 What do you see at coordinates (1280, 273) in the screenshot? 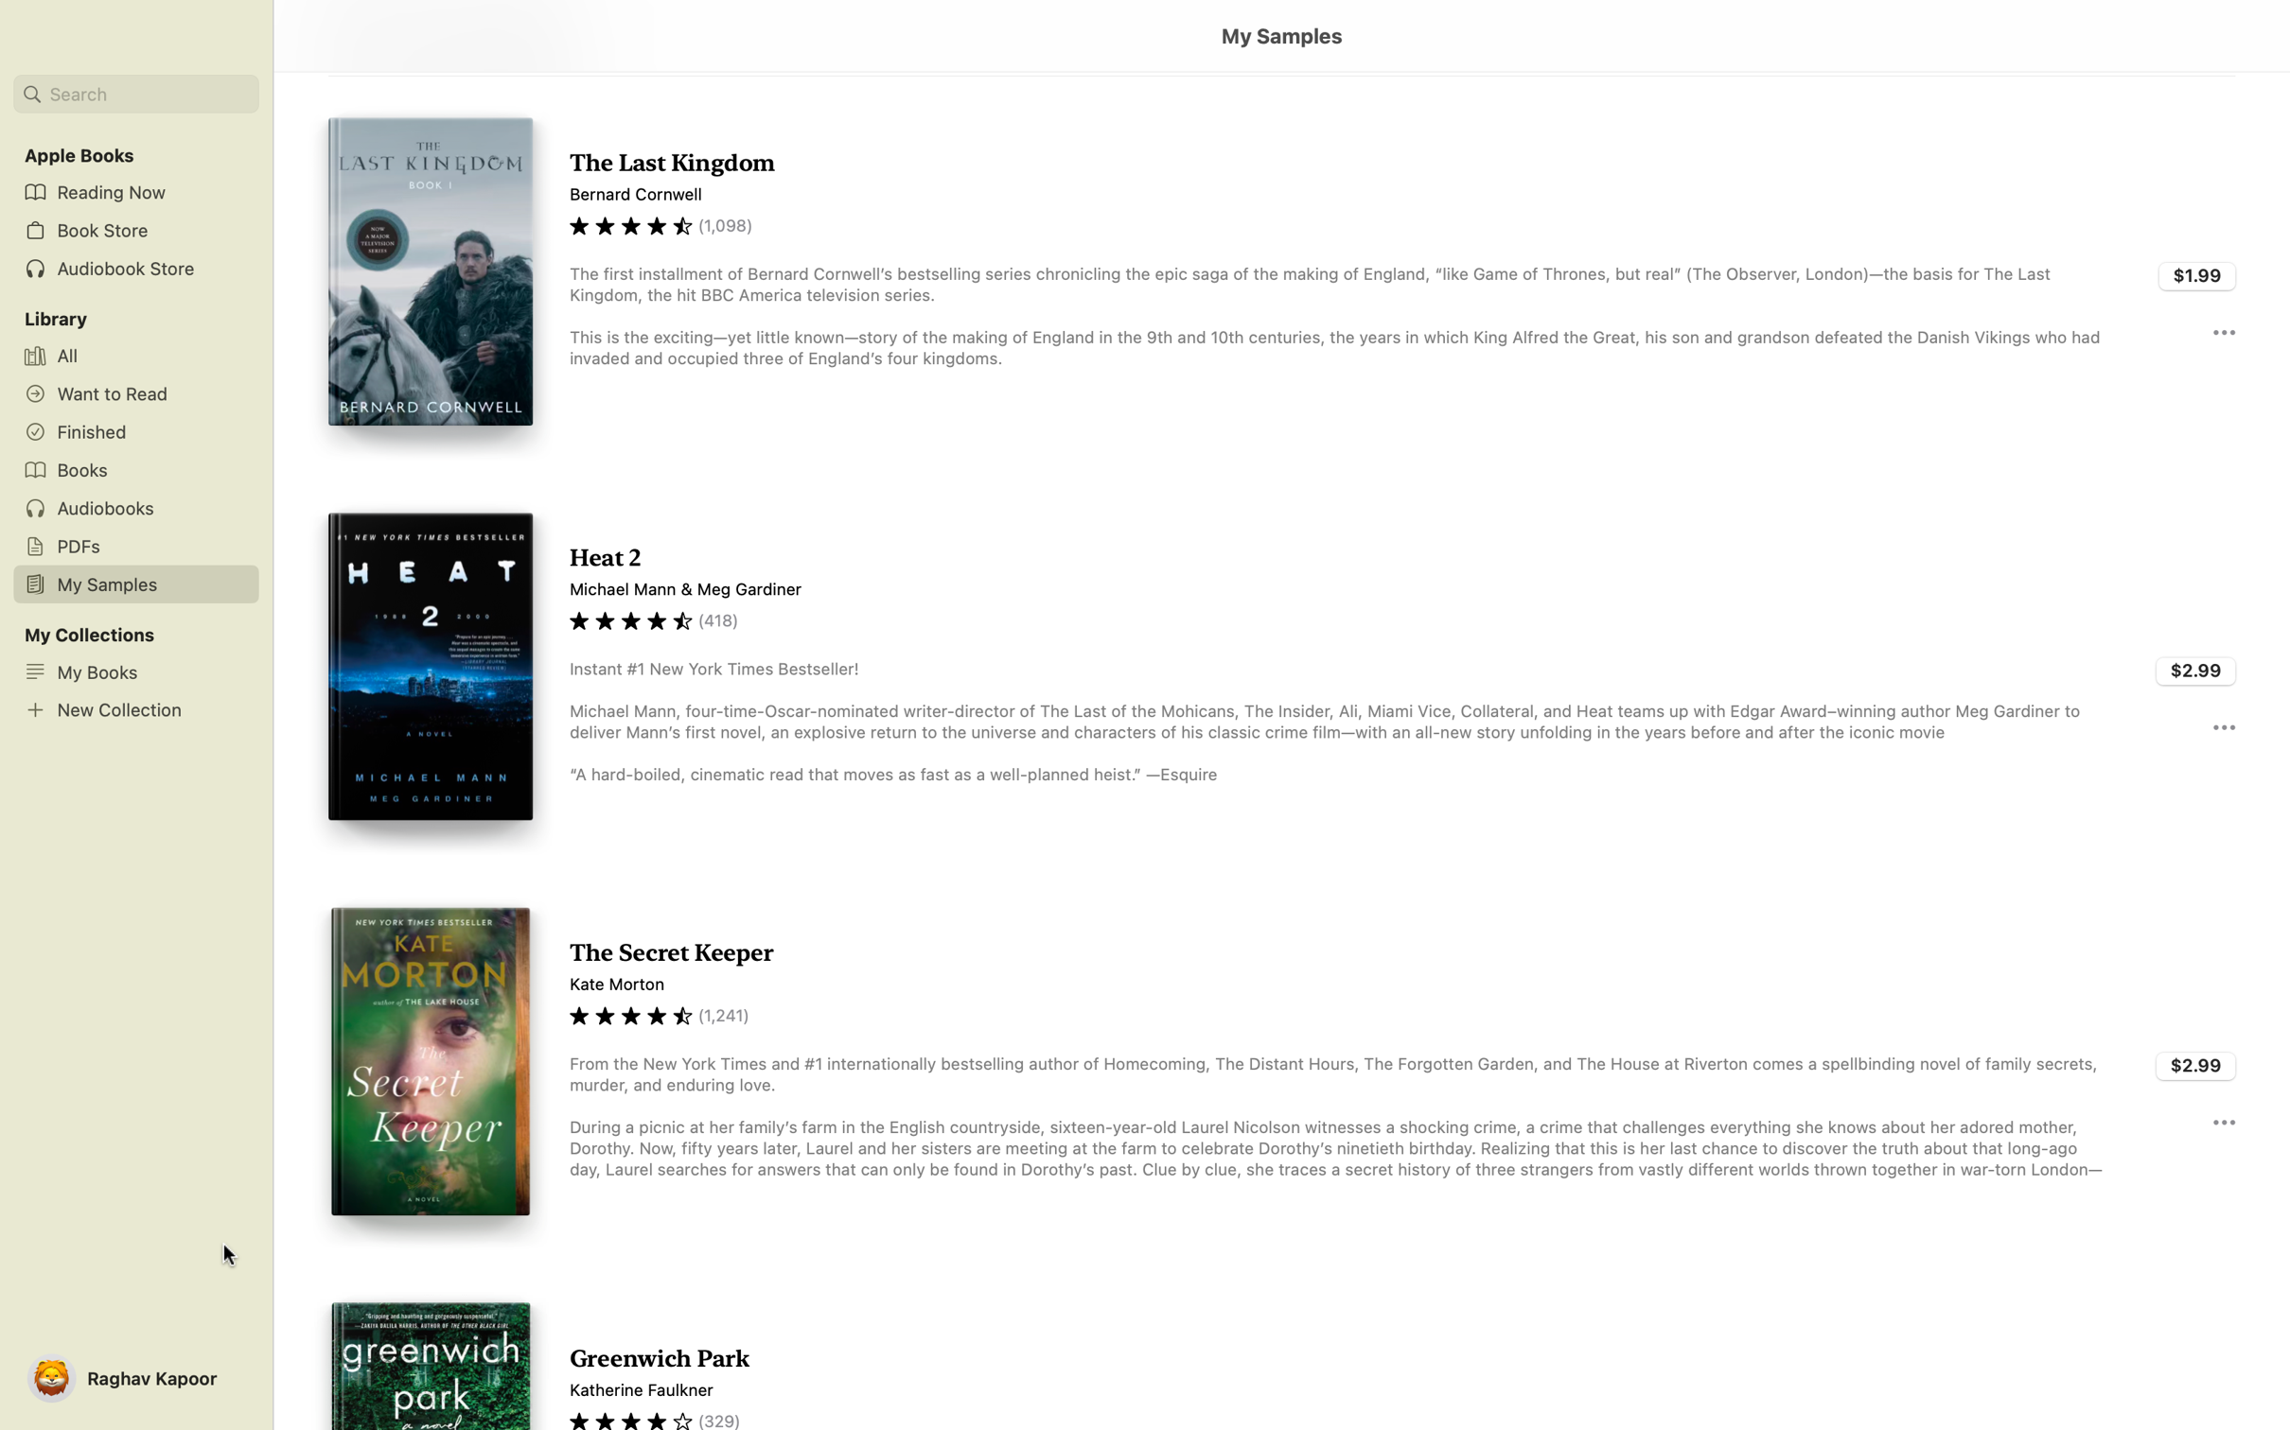
I see `Display content of "Last Kingdom" by double clicking it` at bounding box center [1280, 273].